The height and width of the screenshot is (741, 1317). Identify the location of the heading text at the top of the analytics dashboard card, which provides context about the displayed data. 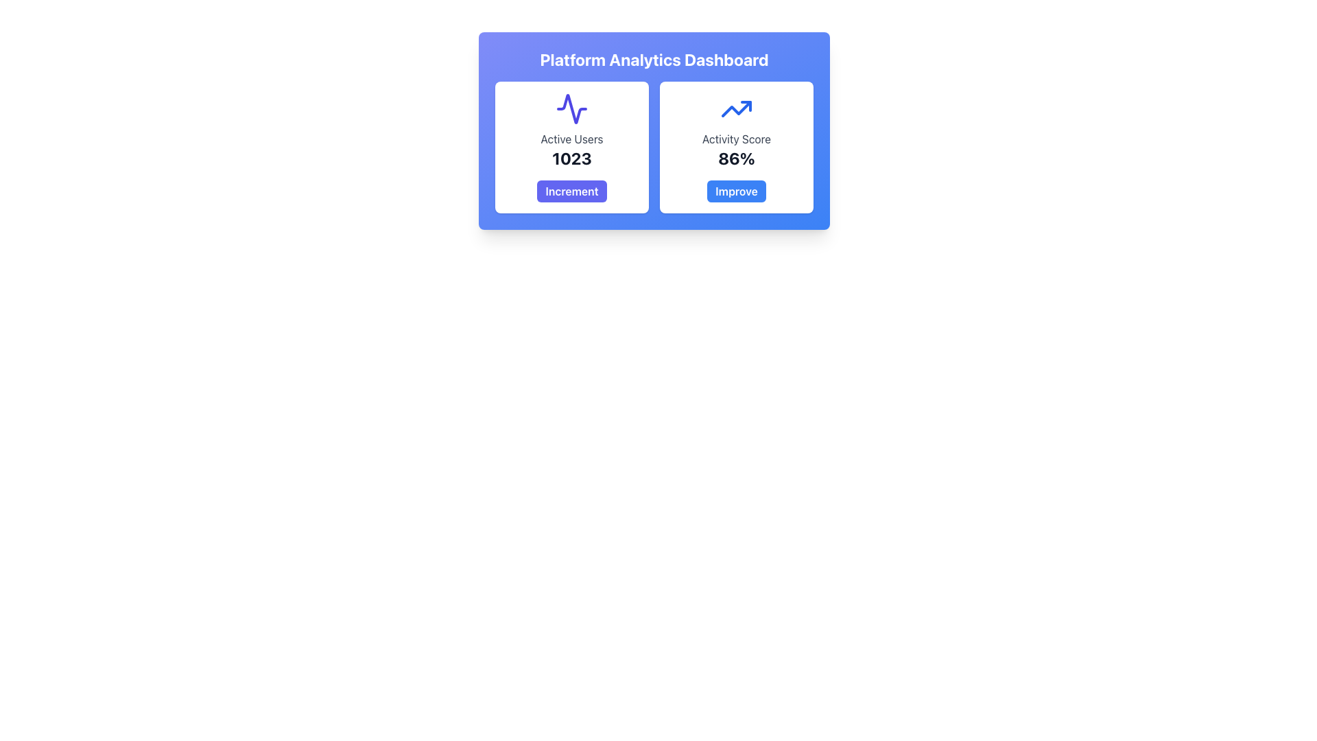
(654, 59).